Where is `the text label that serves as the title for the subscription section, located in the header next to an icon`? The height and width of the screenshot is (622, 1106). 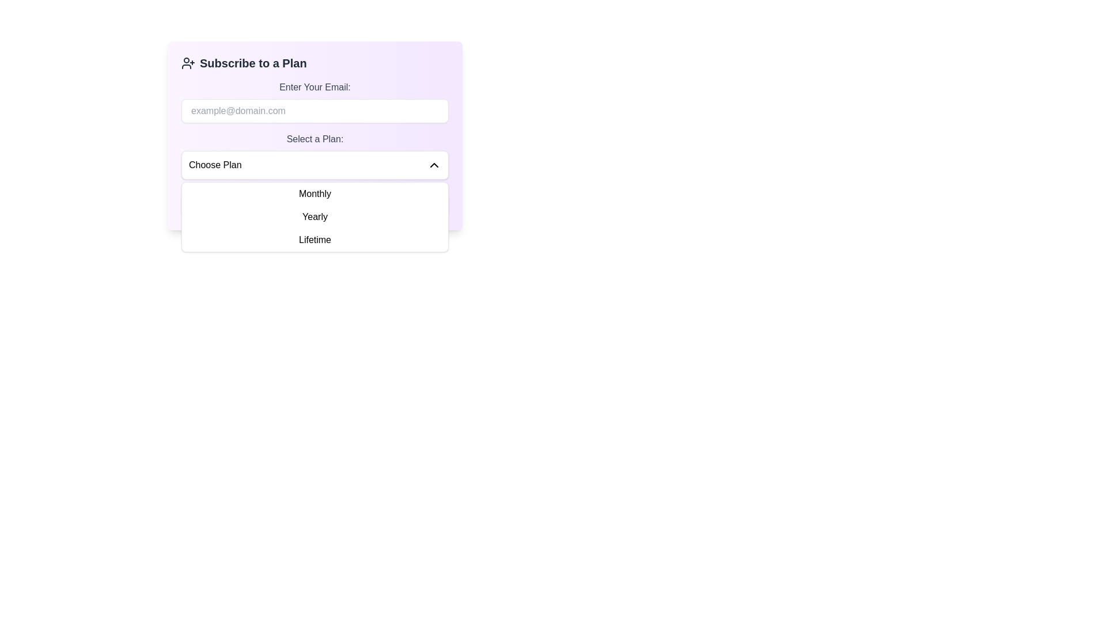
the text label that serves as the title for the subscription section, located in the header next to an icon is located at coordinates (252, 63).